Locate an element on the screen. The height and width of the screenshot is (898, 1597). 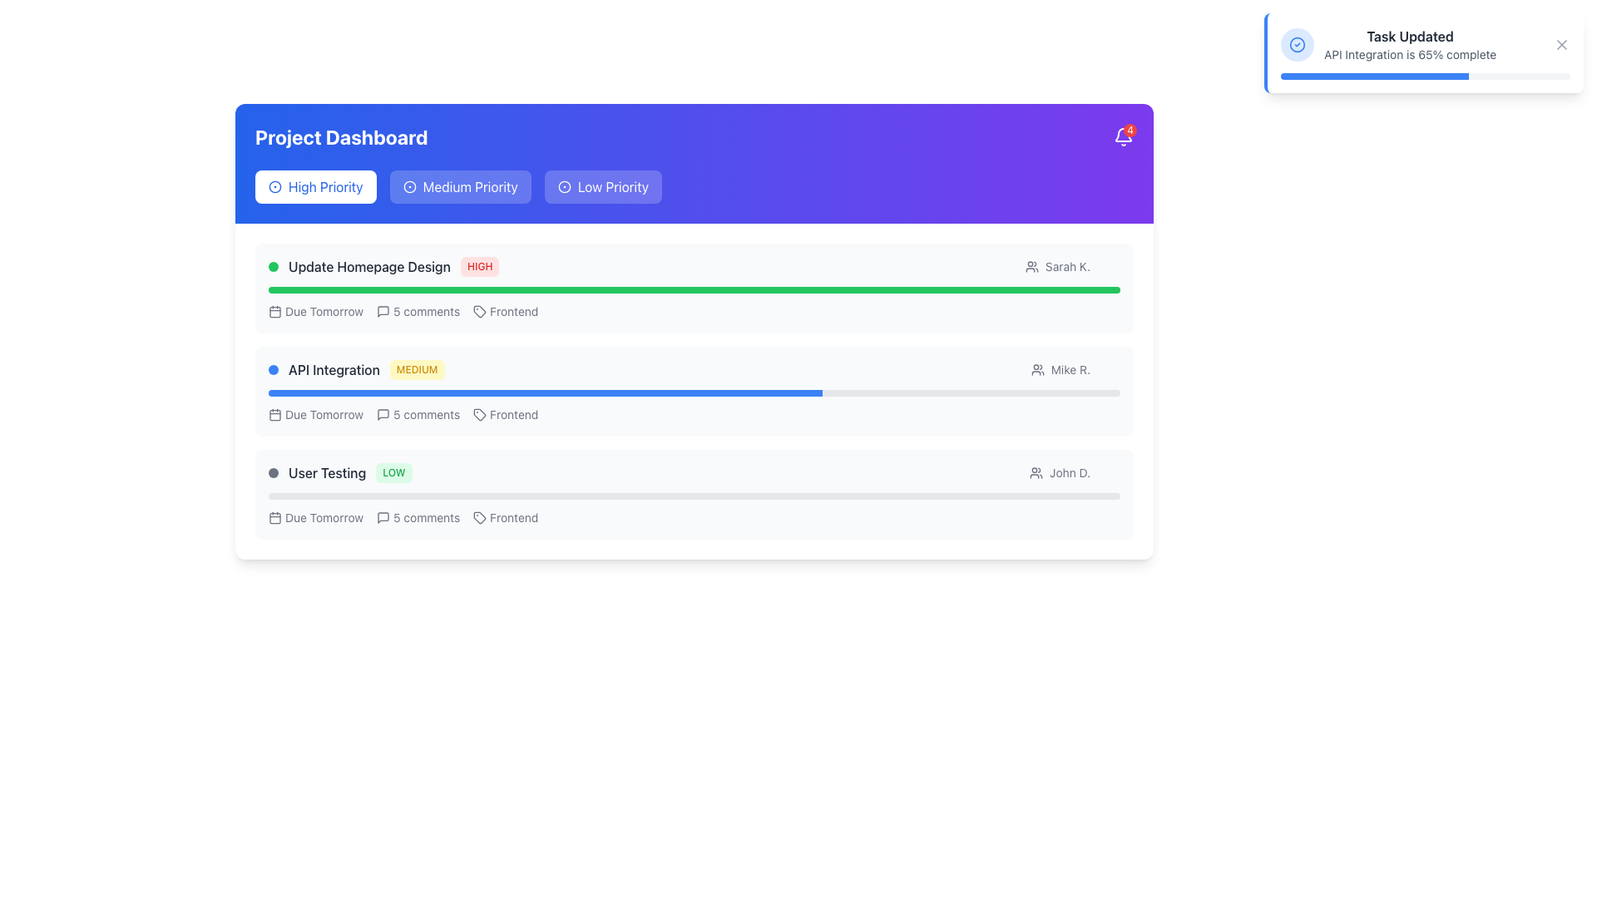
the text label indicating the due date for the task 'Update Homepage Design' in the Project Dashboard, which is positioned next to a calendar icon is located at coordinates (324, 311).